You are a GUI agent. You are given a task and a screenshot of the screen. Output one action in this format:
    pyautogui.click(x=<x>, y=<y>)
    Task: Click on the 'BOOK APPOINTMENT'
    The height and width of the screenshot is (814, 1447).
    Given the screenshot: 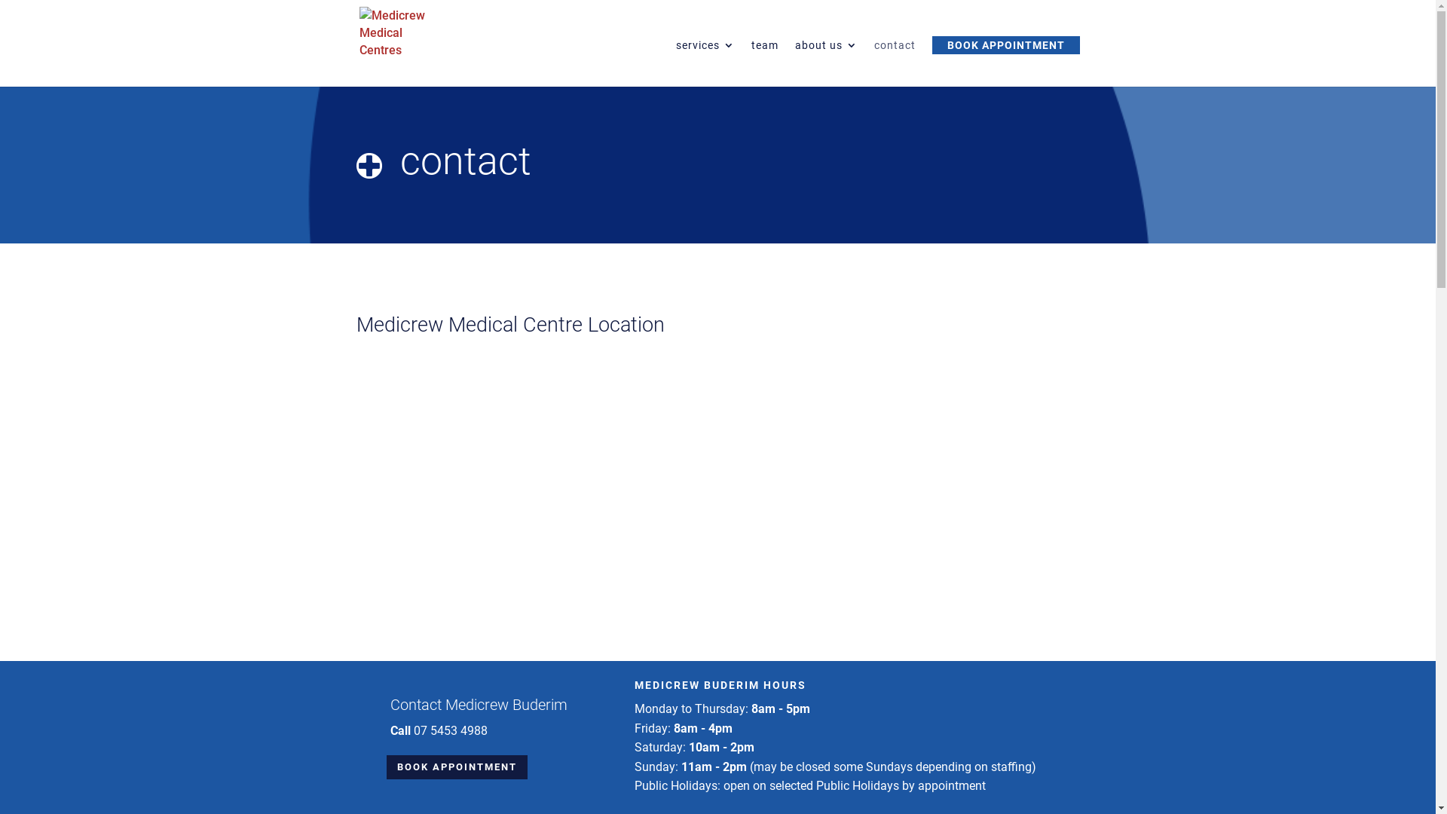 What is the action you would take?
    pyautogui.click(x=1005, y=44)
    